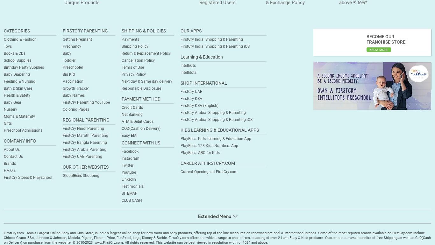  I want to click on 'OUR OTHER WEBSITES', so click(85, 166).